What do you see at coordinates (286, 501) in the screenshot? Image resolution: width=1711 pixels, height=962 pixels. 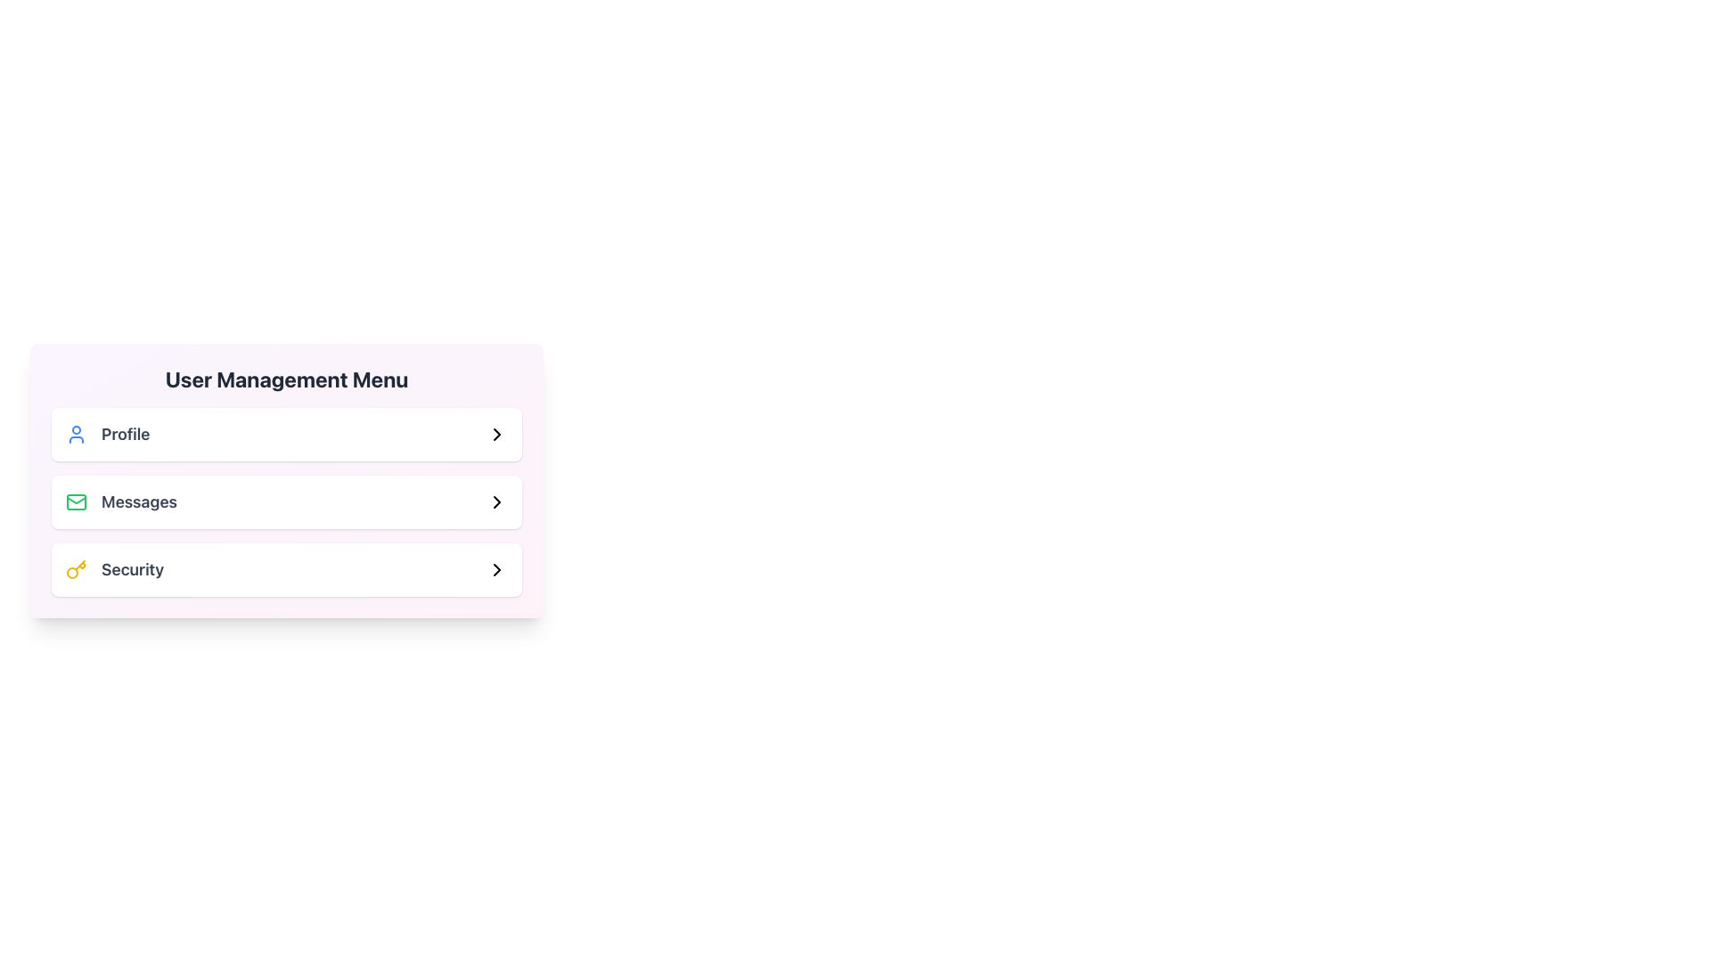 I see `the second menu item in the 'User Management Menu'` at bounding box center [286, 501].